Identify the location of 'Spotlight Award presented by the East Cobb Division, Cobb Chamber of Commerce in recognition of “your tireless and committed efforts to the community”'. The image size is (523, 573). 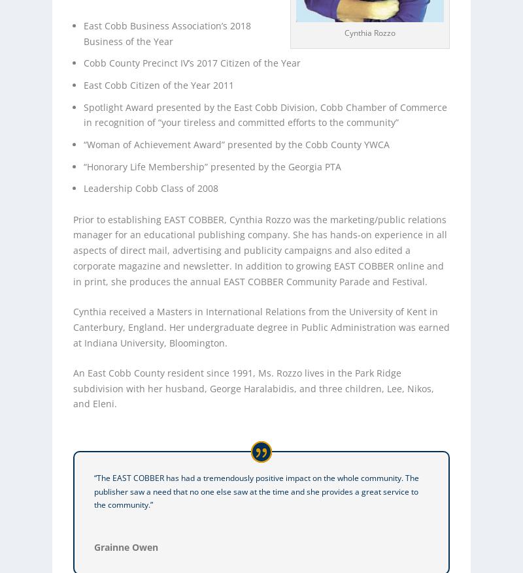
(265, 114).